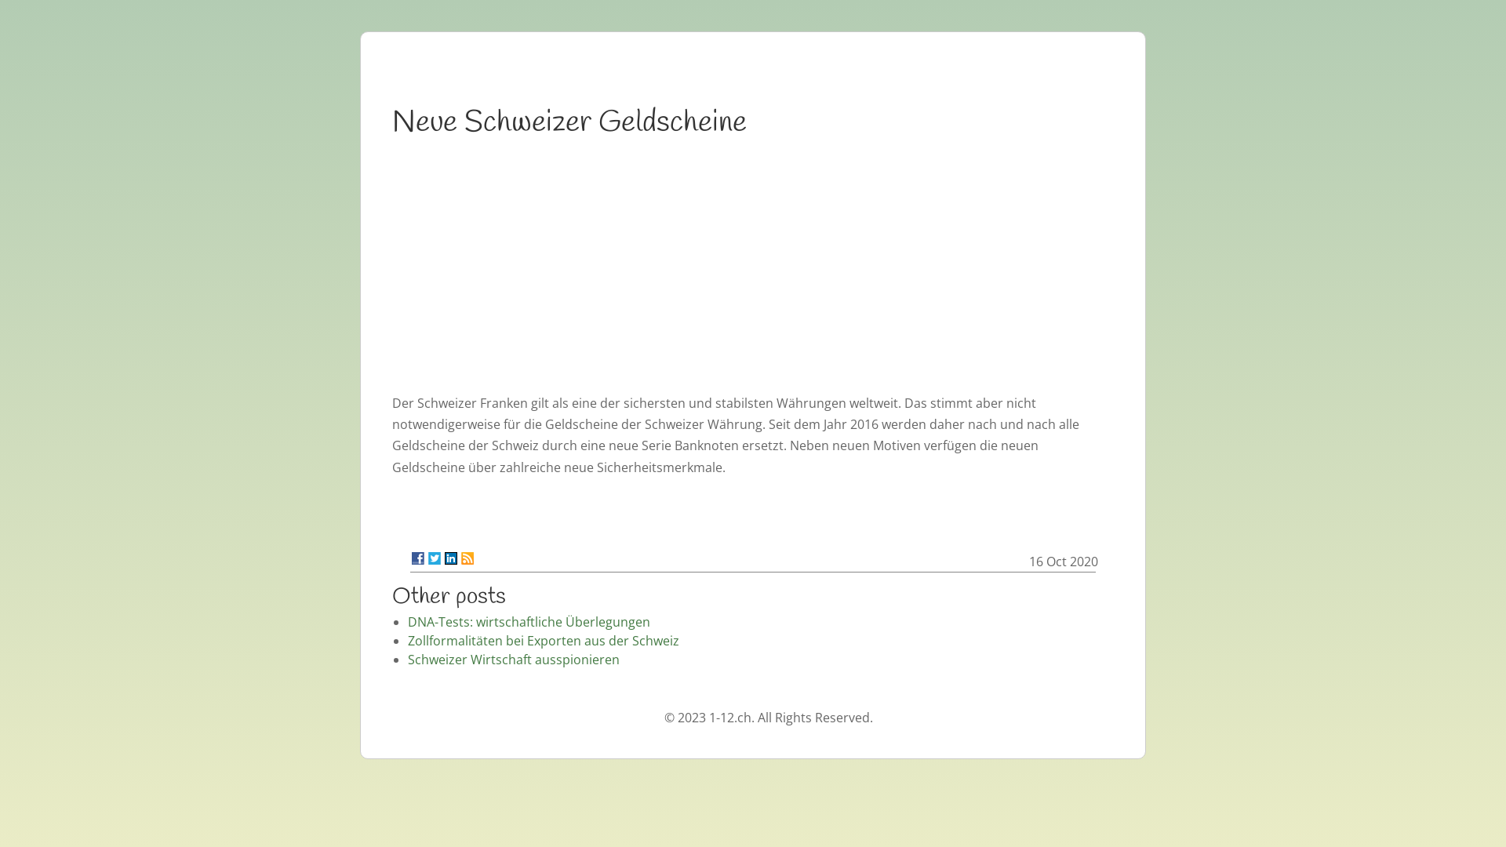  What do you see at coordinates (434, 558) in the screenshot?
I see `'Twitter'` at bounding box center [434, 558].